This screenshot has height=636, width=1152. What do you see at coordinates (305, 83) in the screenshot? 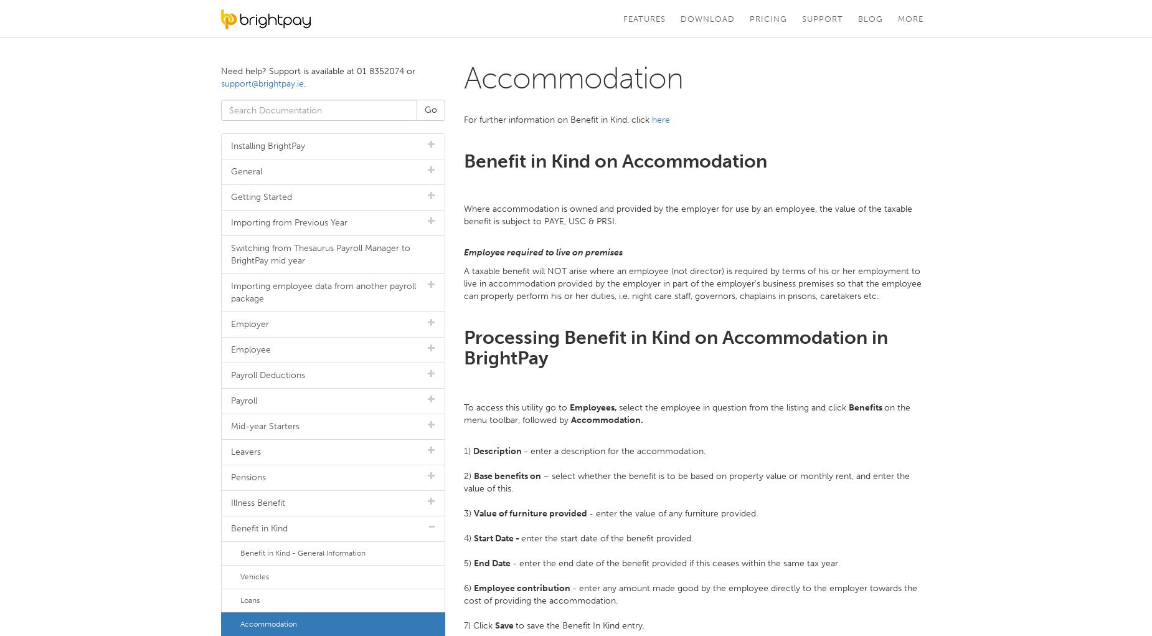
I see `'.'` at bounding box center [305, 83].